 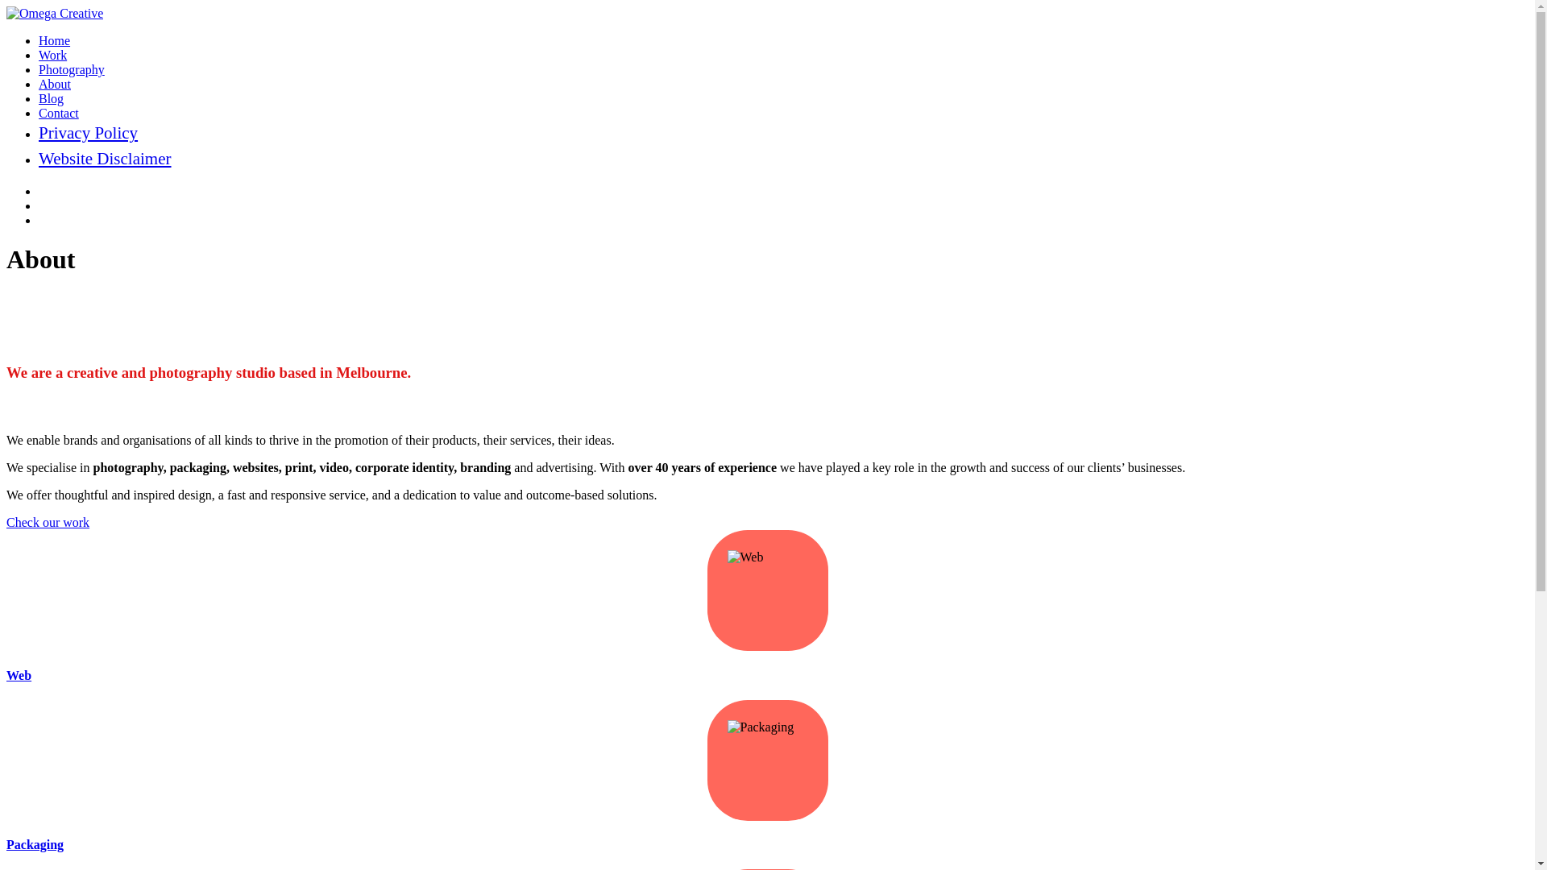 I want to click on 'Blog', so click(x=39, y=98).